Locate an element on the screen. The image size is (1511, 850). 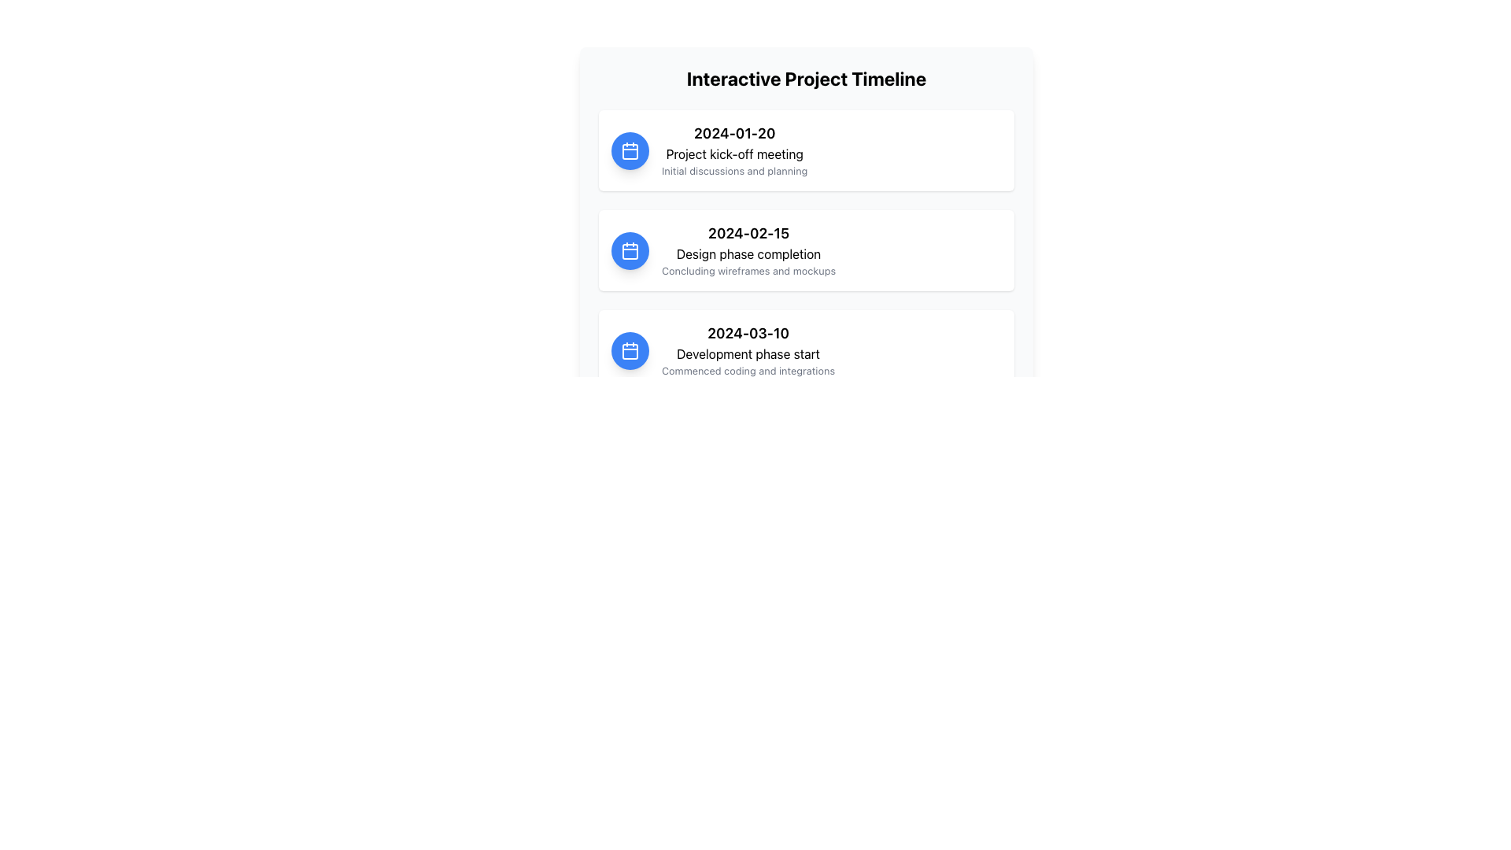
the background rectangle of the calendar icon, which is a rounded rectangle with a light fill color located to the left of the 'Development phase start' event entry is located at coordinates (630, 350).